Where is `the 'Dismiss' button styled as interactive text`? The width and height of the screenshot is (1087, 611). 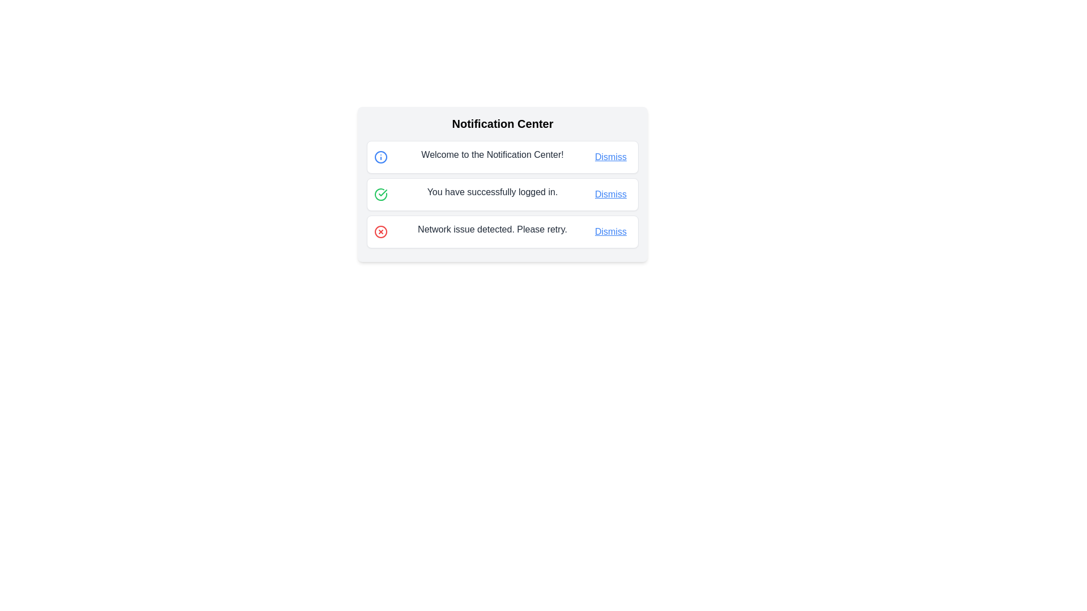
the 'Dismiss' button styled as interactive text is located at coordinates (610, 193).